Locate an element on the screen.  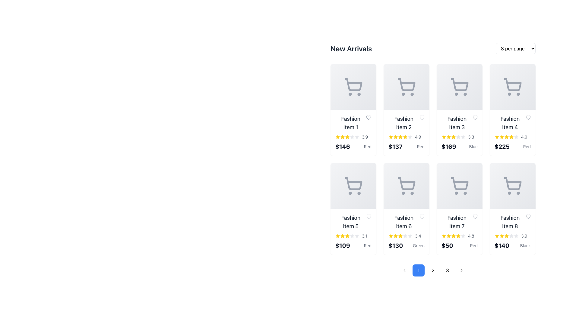
the heart-shaped icon button located in the top-right corner of the 'Fashion Item 3' product card within the 'New Arrivals' section is located at coordinates (475, 117).